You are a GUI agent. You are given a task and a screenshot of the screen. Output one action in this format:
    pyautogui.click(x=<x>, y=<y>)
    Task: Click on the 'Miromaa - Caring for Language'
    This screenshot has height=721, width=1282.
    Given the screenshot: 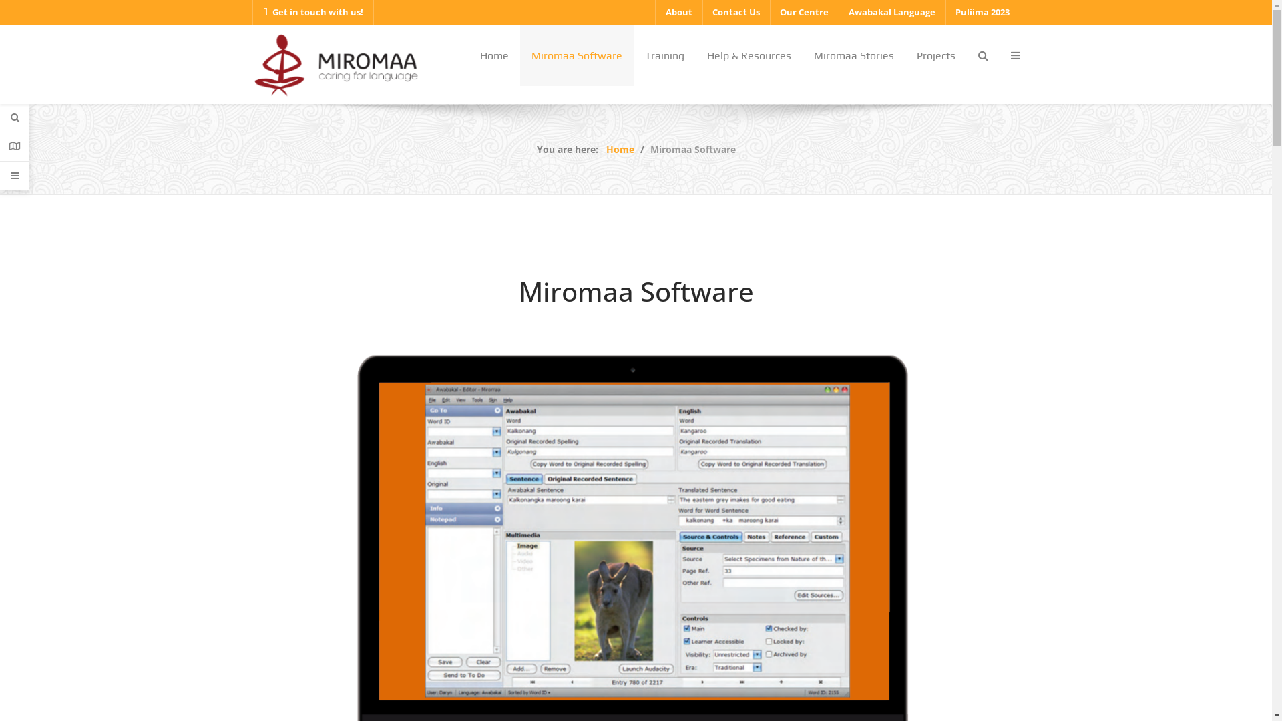 What is the action you would take?
    pyautogui.click(x=252, y=63)
    